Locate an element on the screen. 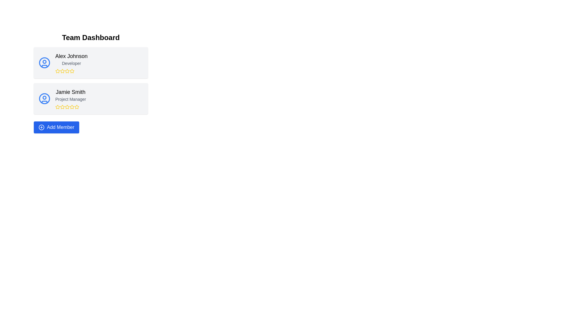 This screenshot has height=323, width=574. the 'Team Dashboard' title text, which serves as a header for the content below is located at coordinates (90, 38).